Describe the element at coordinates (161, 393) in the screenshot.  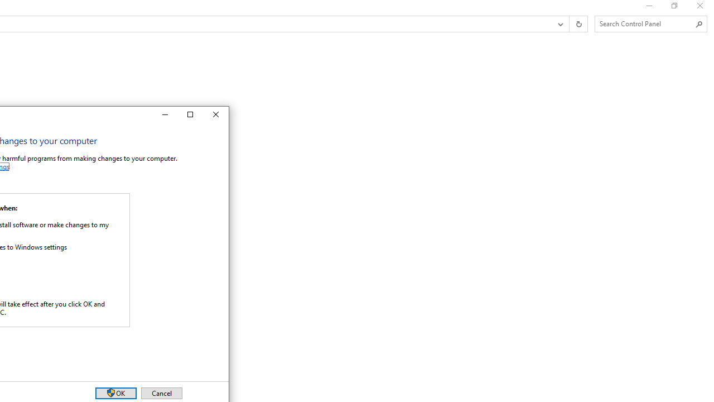
I see `'Cancel'` at that location.